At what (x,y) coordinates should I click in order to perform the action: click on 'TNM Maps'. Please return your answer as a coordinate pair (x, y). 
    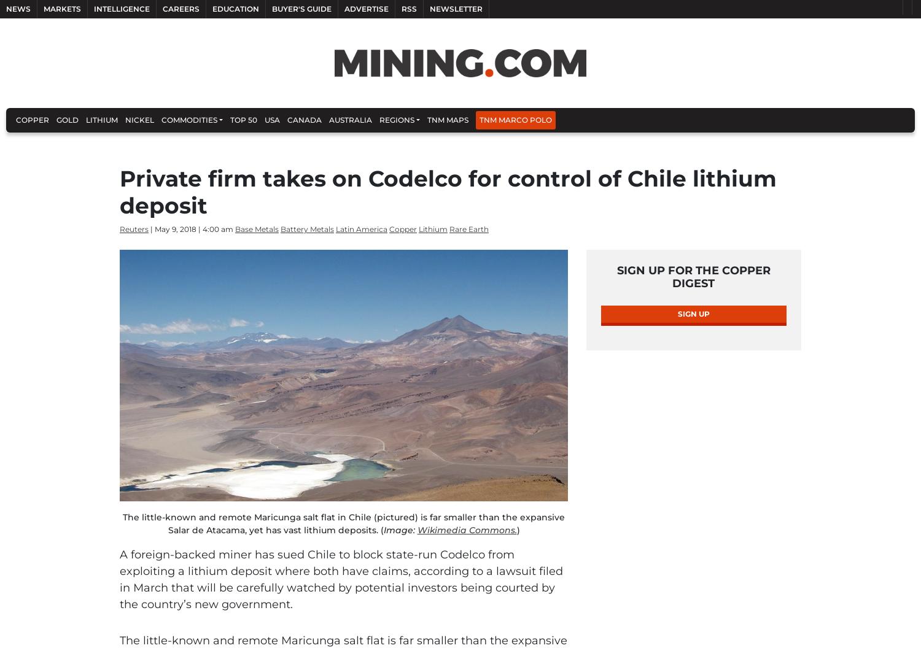
    Looking at the image, I should click on (447, 120).